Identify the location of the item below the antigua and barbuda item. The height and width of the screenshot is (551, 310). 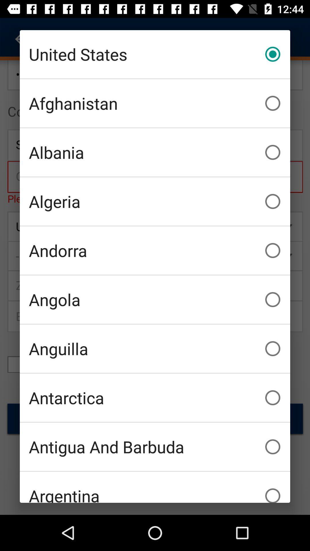
(155, 487).